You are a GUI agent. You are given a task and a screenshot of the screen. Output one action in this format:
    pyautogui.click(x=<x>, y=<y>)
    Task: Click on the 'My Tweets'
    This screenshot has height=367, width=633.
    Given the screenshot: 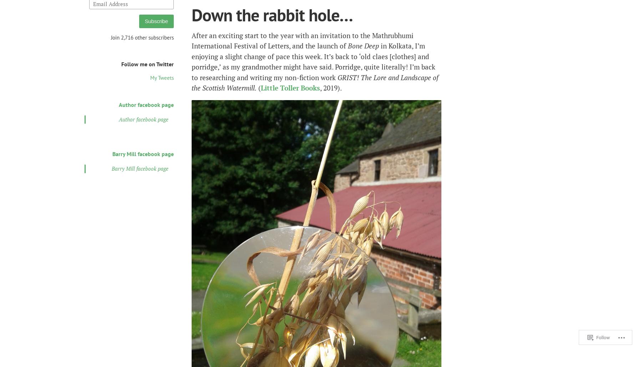 What is the action you would take?
    pyautogui.click(x=150, y=77)
    